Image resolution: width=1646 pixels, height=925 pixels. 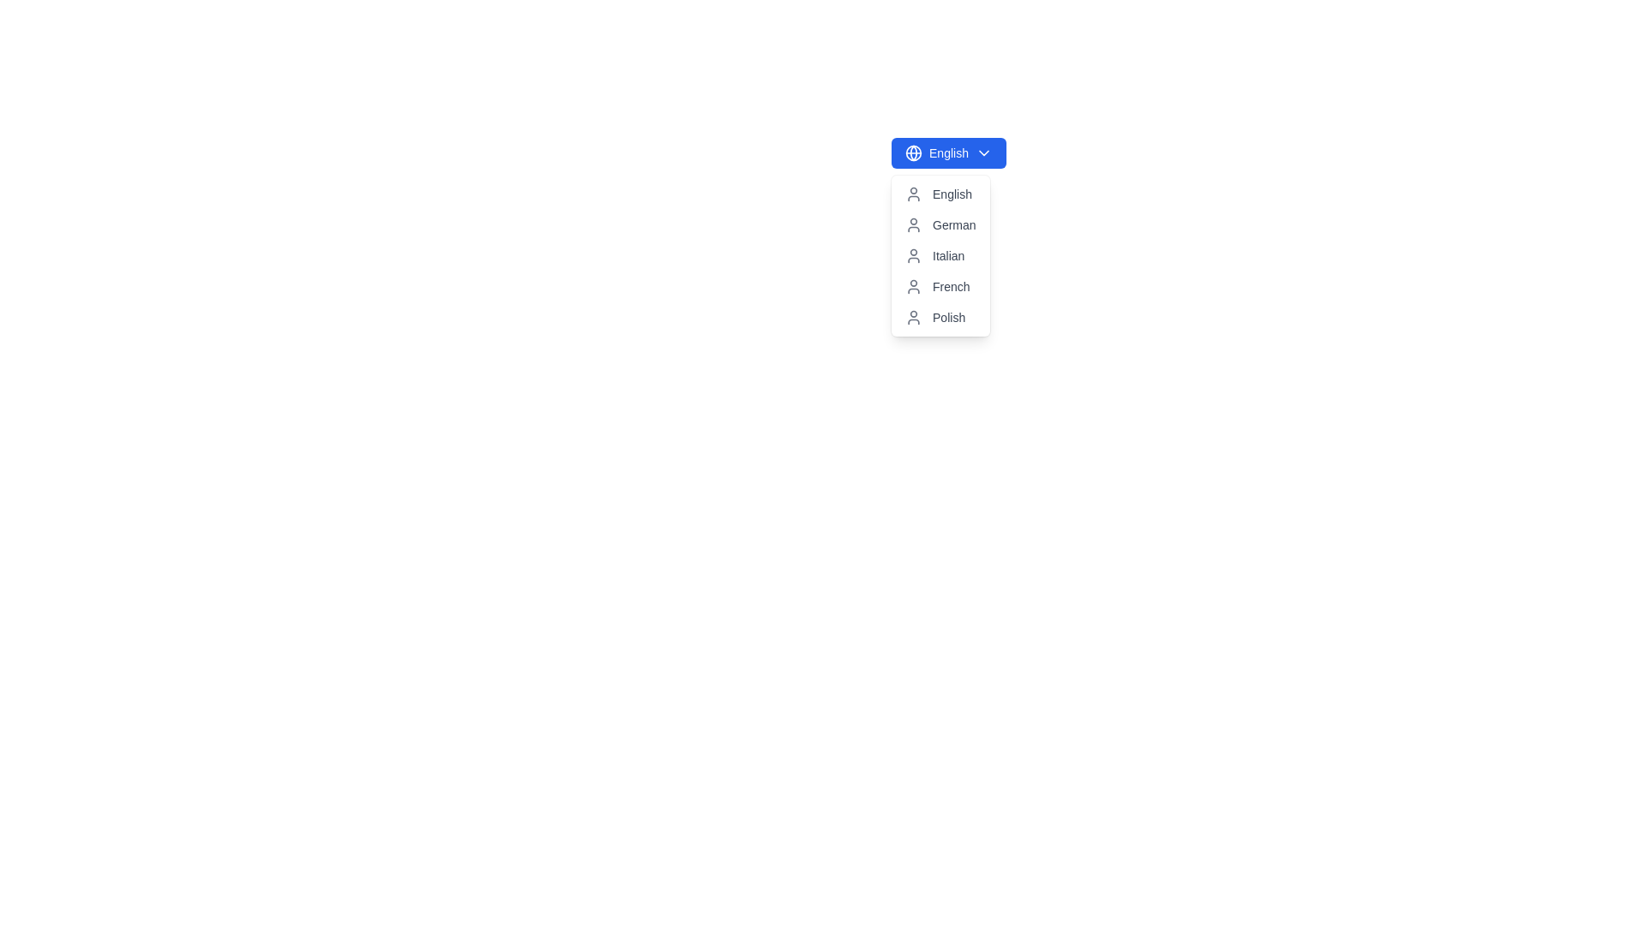 What do you see at coordinates (912, 152) in the screenshot?
I see `the central circle of the globe icon located at the top left corner of the dropdown menu, which symbolizes worldwide or language options` at bounding box center [912, 152].